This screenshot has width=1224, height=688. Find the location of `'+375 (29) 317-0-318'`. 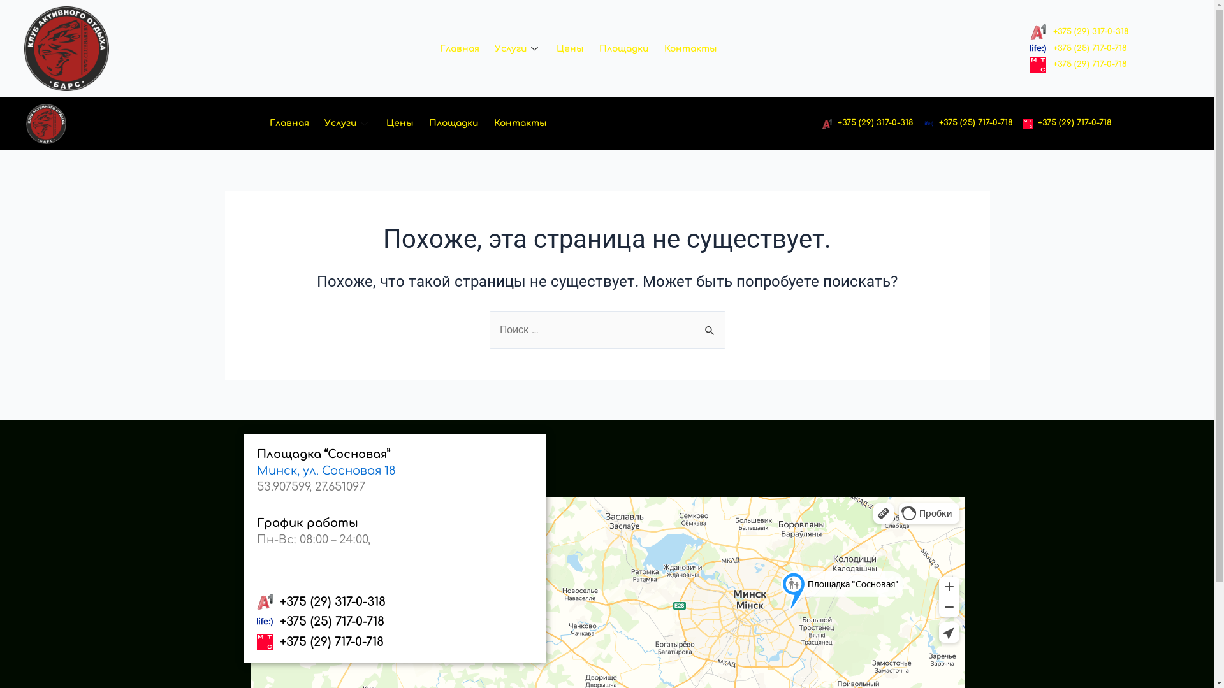

'+375 (29) 317-0-318' is located at coordinates (1079, 31).